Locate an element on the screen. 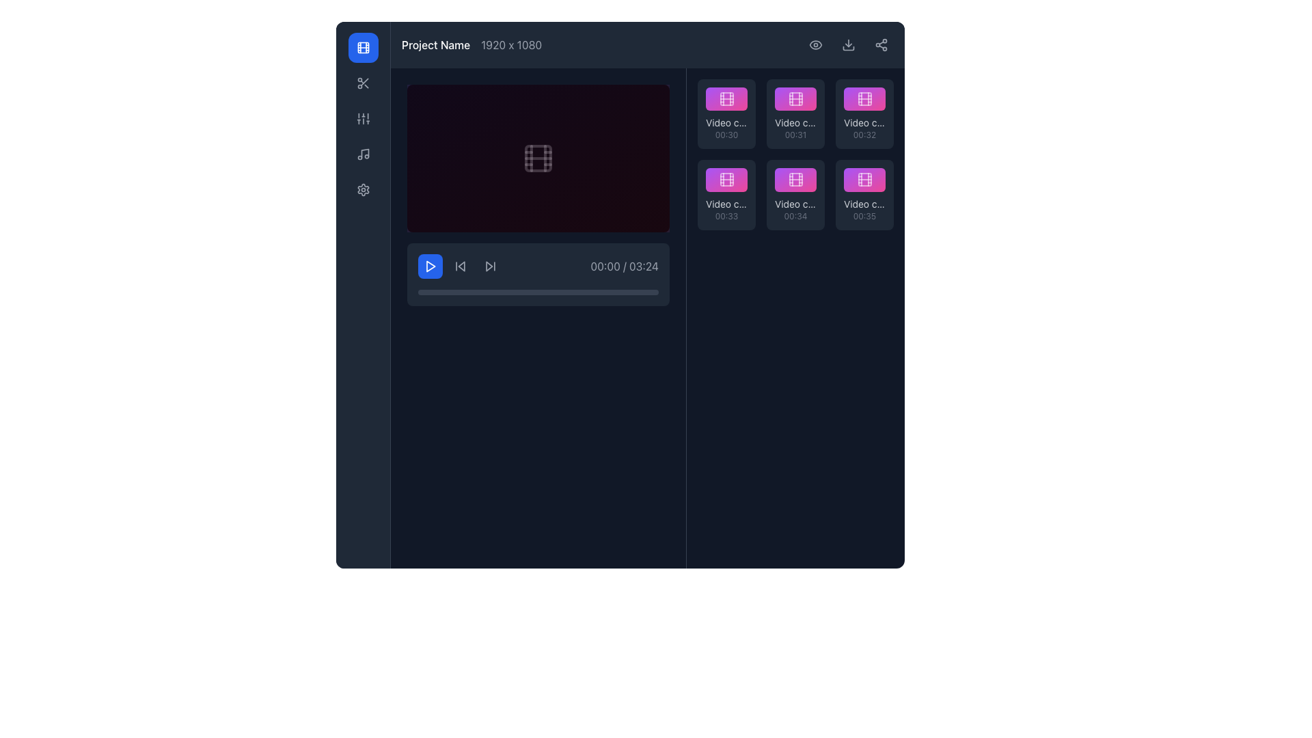 The height and width of the screenshot is (738, 1312). the download button located at the top-right corner of the interface, which is the second button from the right in a row of three buttons is located at coordinates (848, 44).